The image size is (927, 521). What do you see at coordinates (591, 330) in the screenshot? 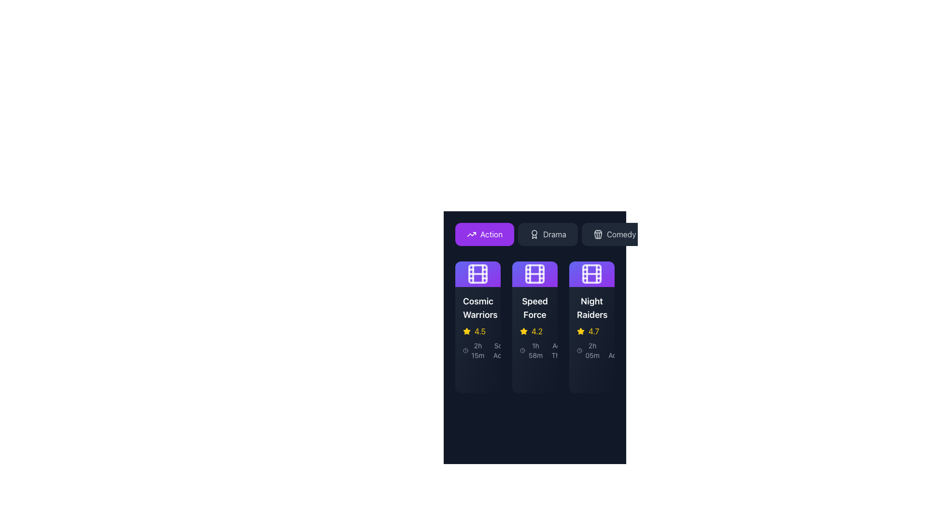
I see `rating value displayed as '4.7' in the yellow star icon element, located within the third card from the left, below the title 'Night Raiders'` at bounding box center [591, 330].